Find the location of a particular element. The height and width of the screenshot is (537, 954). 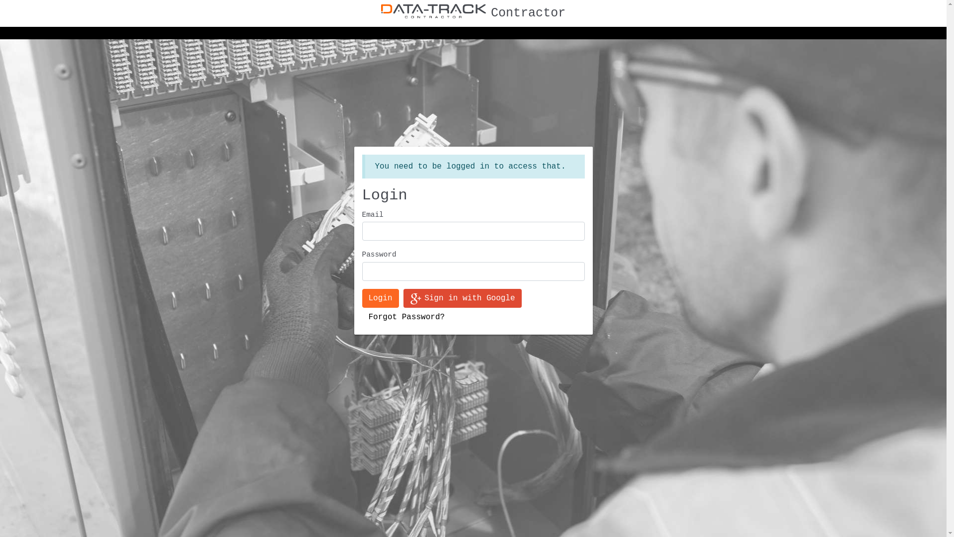

'Sign in with Google' is located at coordinates (462, 298).